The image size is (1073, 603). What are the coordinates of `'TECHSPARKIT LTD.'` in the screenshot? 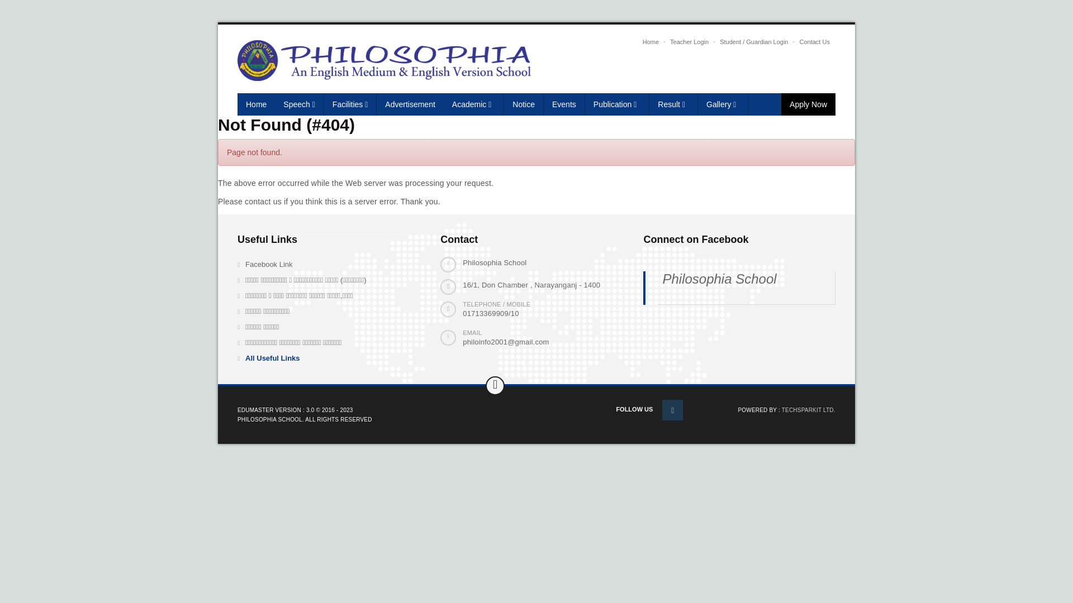 It's located at (808, 410).